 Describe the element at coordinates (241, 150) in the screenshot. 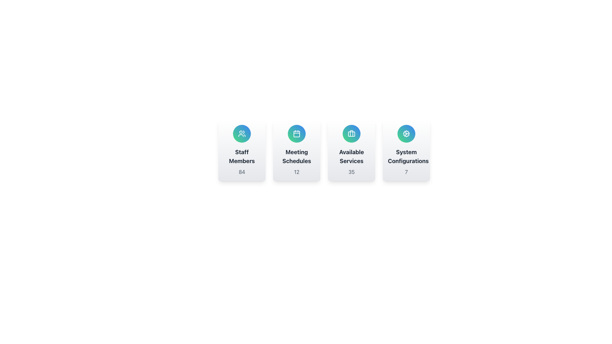

I see `the first Summary Card, which features a gradient background, rounded corners, and displays 'Staff Members' in bold with the number '84' at the bottom` at that location.